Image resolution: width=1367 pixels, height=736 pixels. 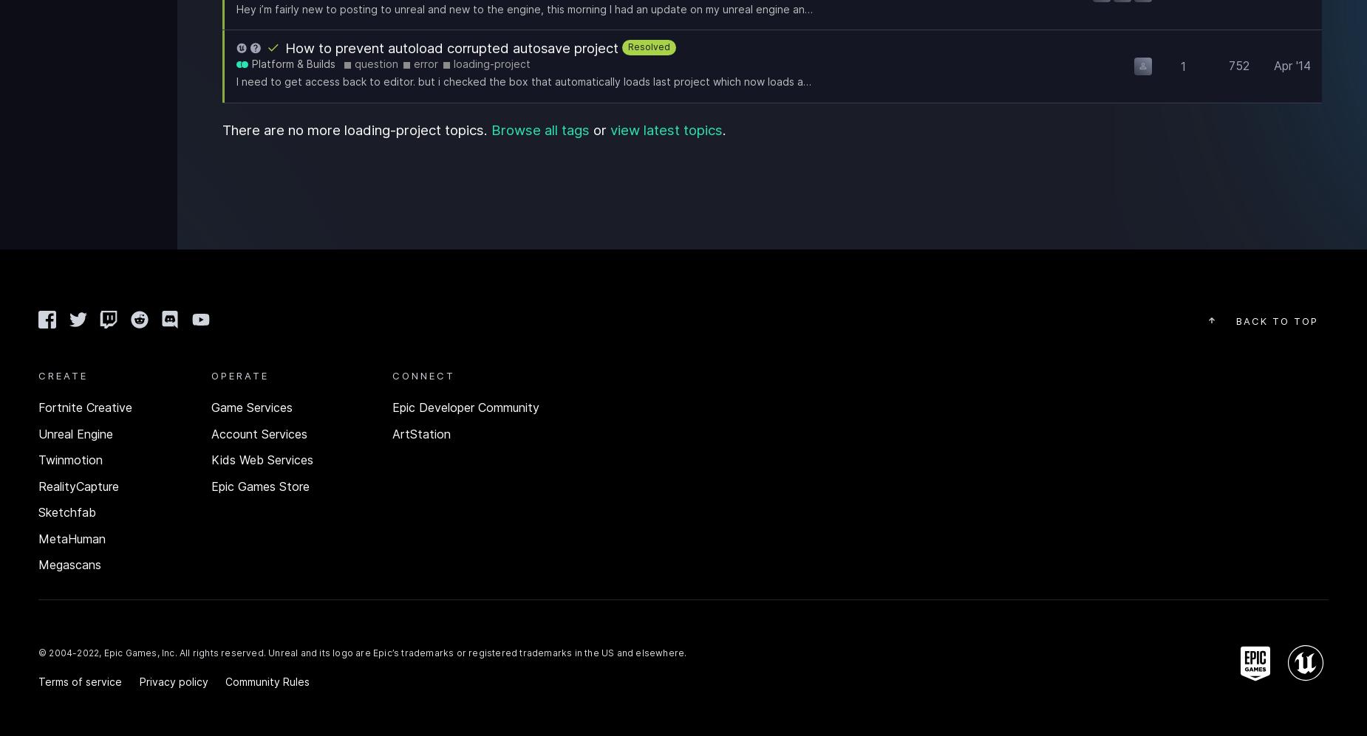 I want to click on 'Connect', so click(x=392, y=374).